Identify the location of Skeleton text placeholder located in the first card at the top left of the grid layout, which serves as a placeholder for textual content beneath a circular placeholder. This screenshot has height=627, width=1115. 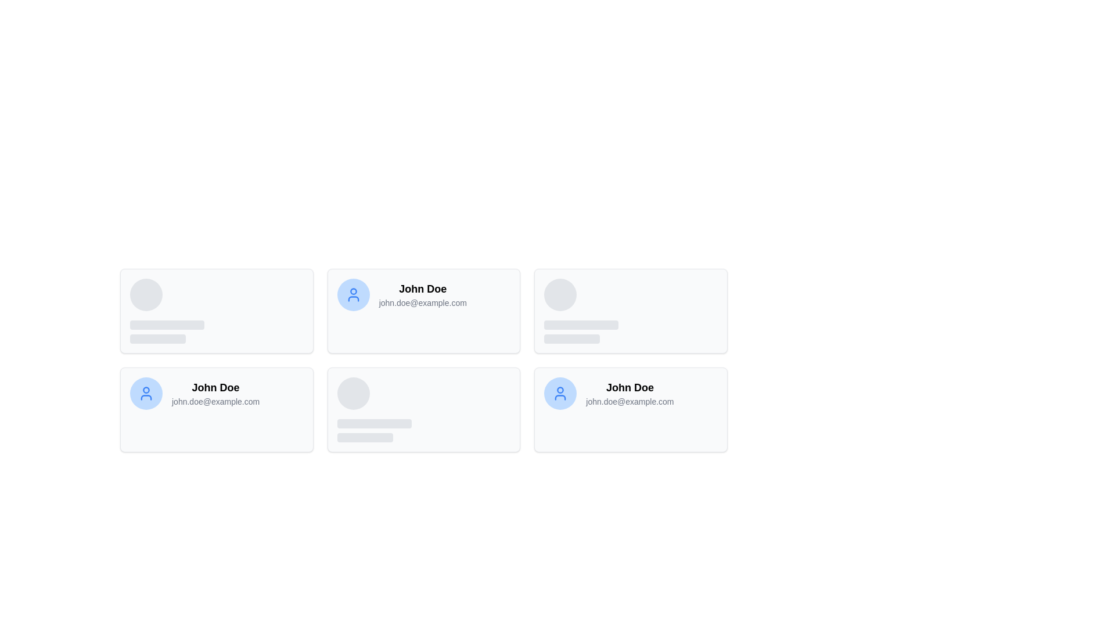
(167, 331).